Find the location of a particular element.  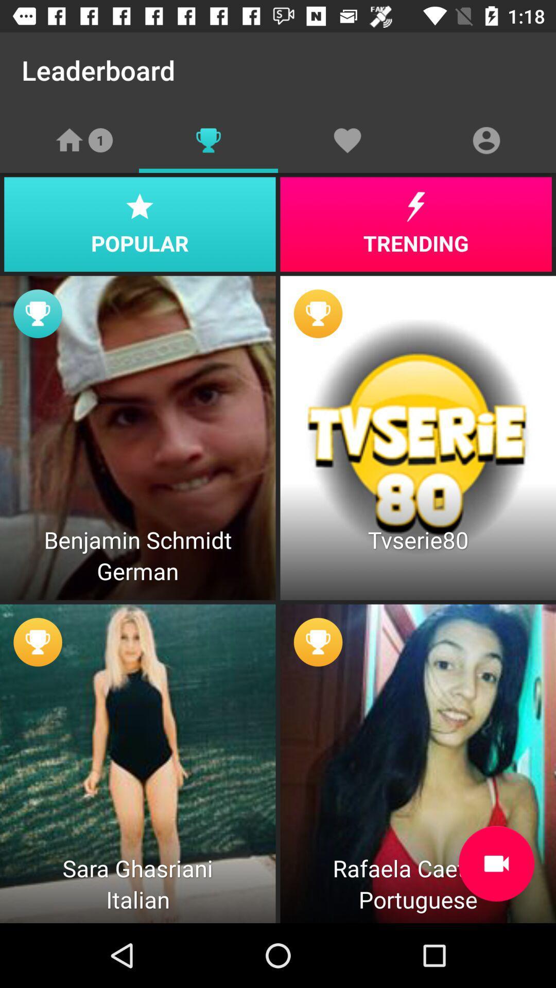

the videocam icon is located at coordinates (496, 863).